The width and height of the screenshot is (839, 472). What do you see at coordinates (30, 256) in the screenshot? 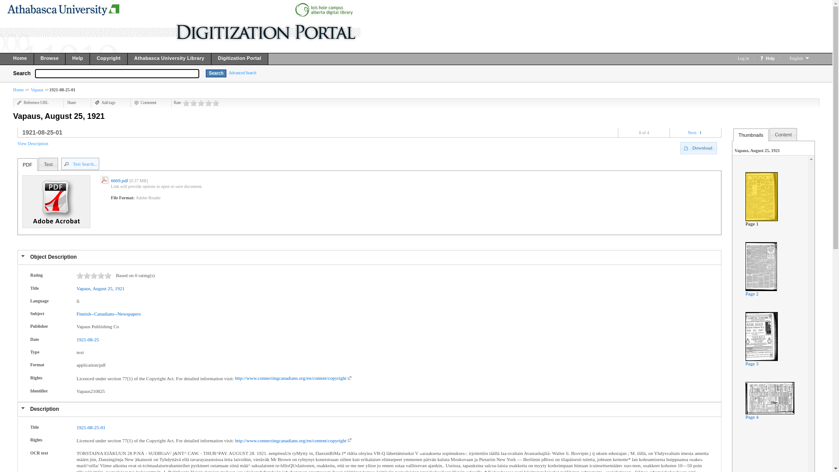
I see `'Object Description'` at bounding box center [30, 256].